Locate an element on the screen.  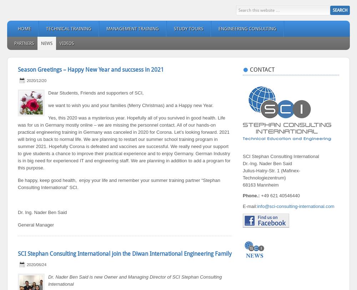
'2020/12/20' is located at coordinates (36, 80).